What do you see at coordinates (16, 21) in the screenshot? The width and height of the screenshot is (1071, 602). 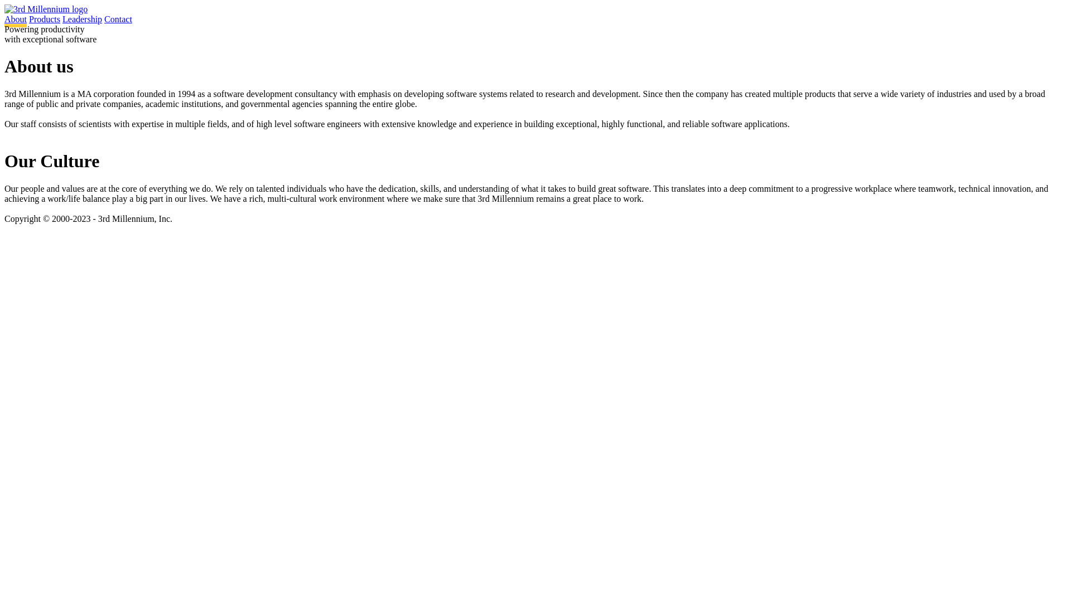 I see `'About'` at bounding box center [16, 21].